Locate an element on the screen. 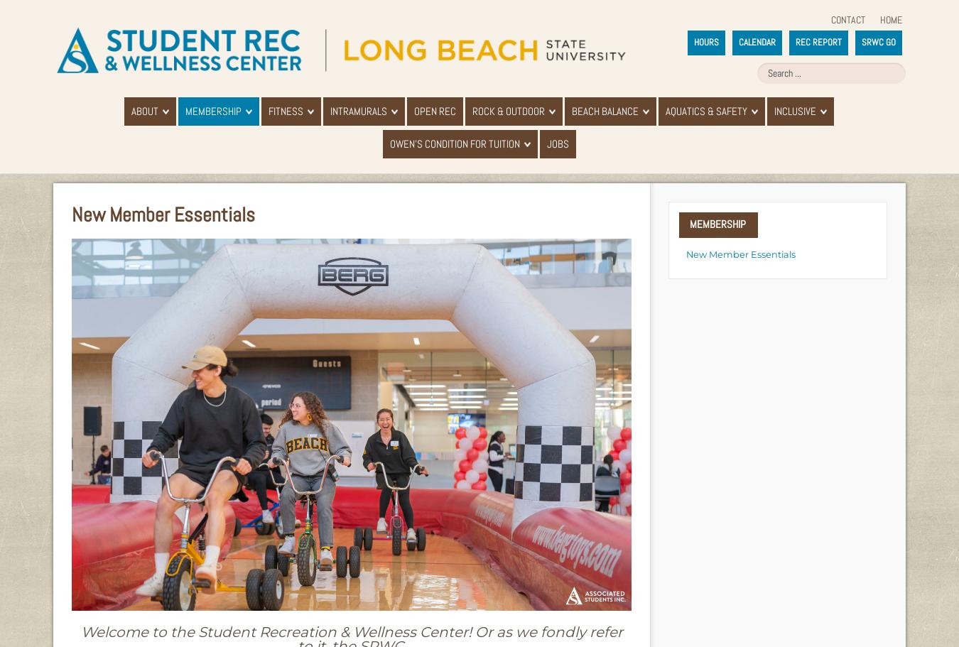 The width and height of the screenshot is (959, 647). 'Open Rec' is located at coordinates (414, 111).